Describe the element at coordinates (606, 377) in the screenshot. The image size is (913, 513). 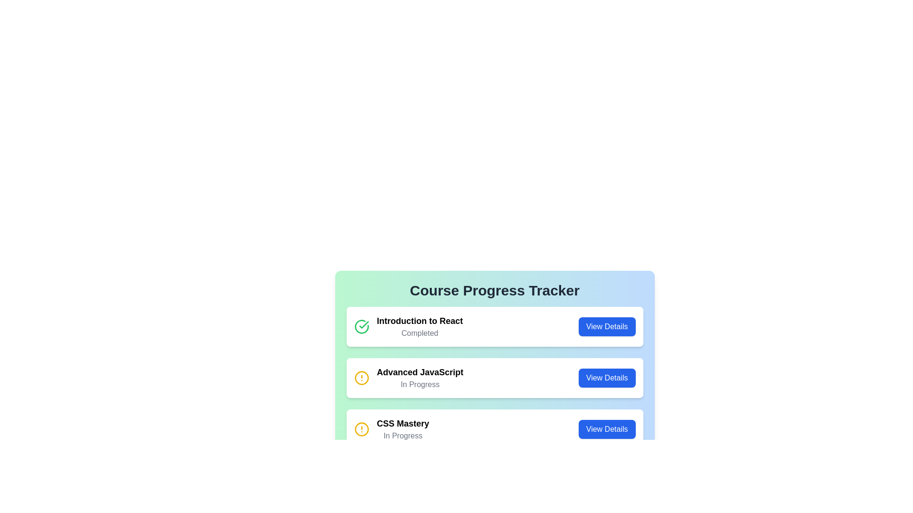
I see `the button on the right side of the 'Advanced JavaScript' course section` at that location.